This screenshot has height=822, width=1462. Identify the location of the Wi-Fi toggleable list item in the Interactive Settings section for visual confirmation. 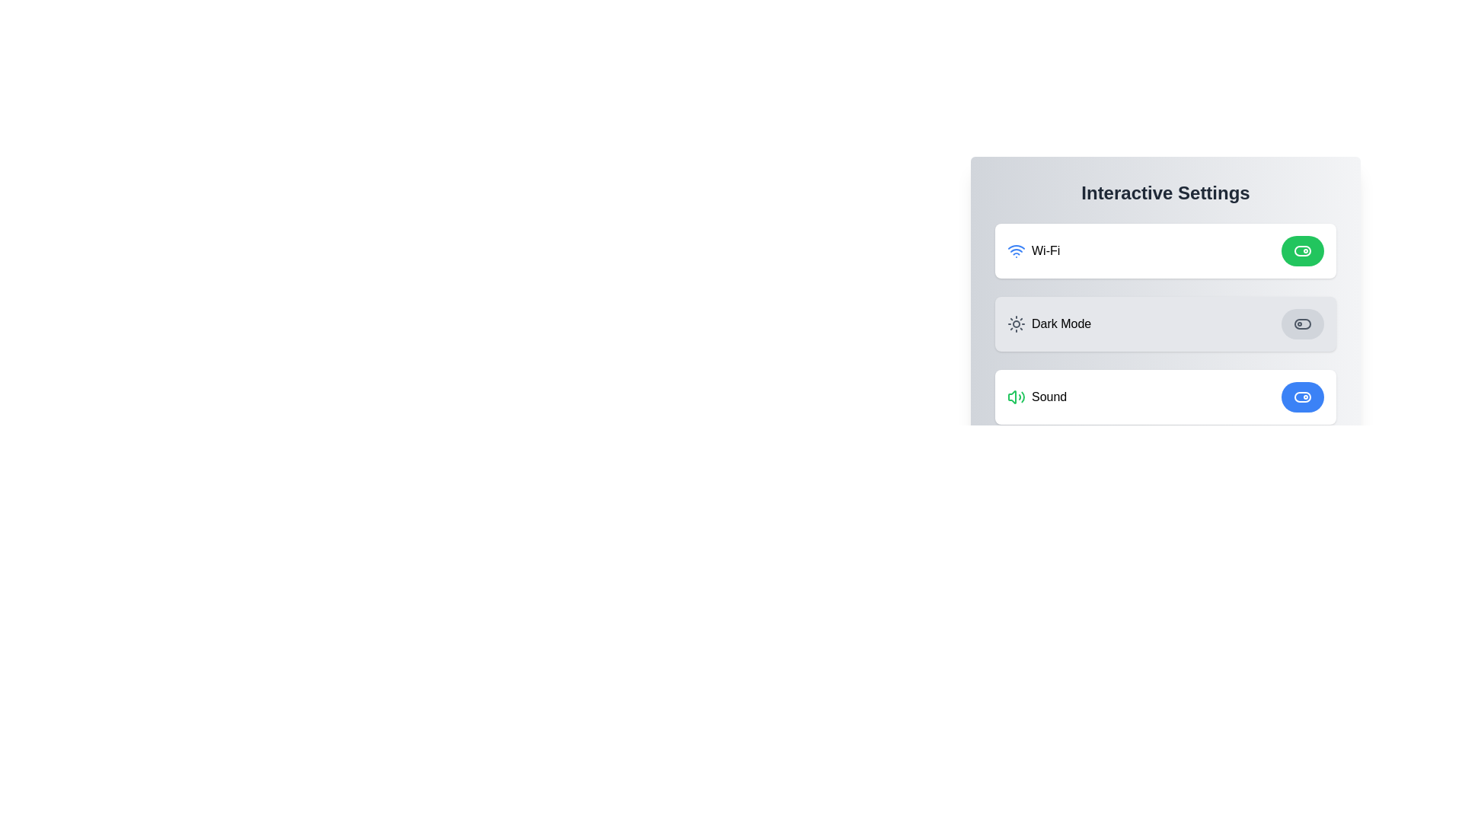
(1165, 250).